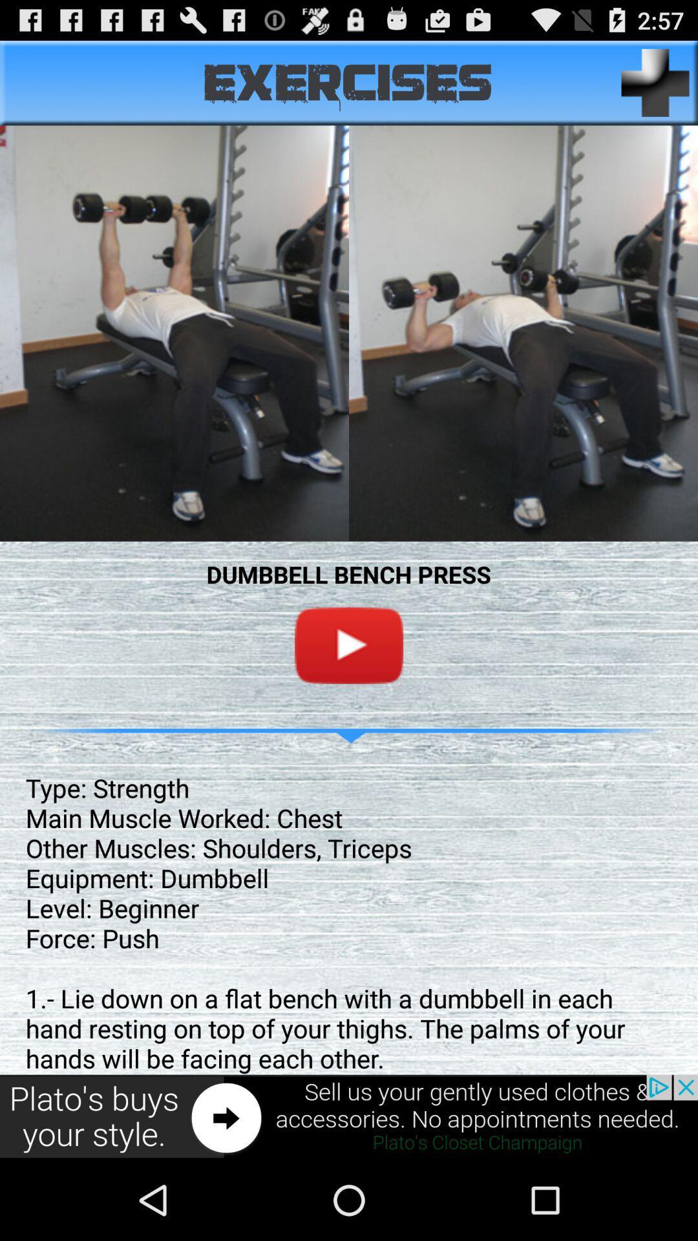 The width and height of the screenshot is (698, 1241). What do you see at coordinates (349, 1116) in the screenshot?
I see `open advertisement` at bounding box center [349, 1116].